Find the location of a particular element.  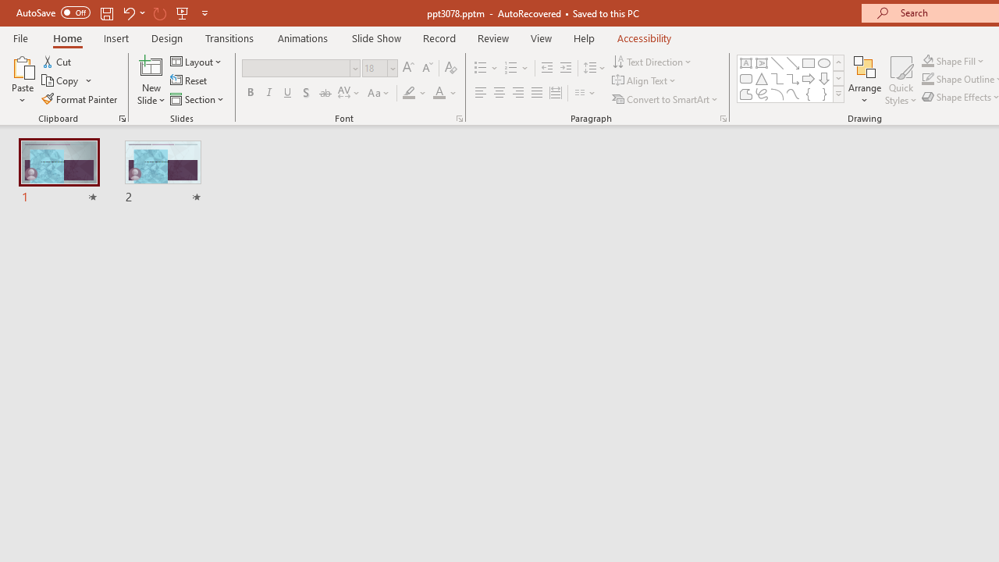

'Text Direction' is located at coordinates (653, 61).